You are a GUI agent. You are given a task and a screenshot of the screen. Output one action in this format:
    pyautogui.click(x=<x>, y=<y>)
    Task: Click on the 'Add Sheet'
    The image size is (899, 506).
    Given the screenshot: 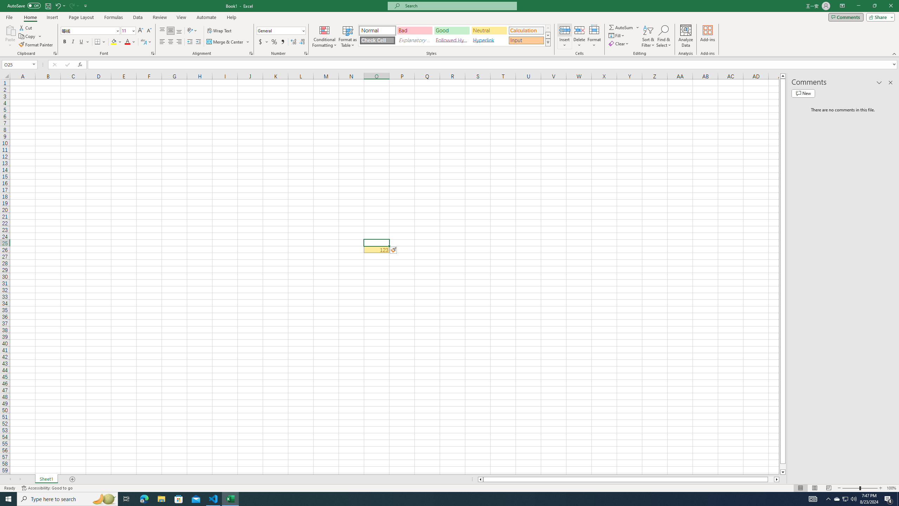 What is the action you would take?
    pyautogui.click(x=72, y=479)
    